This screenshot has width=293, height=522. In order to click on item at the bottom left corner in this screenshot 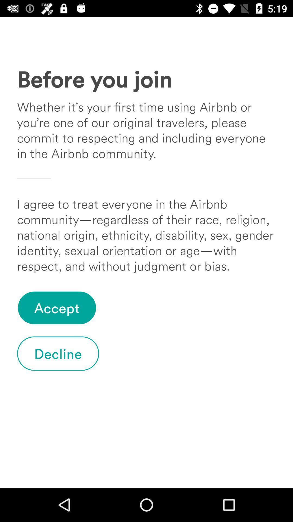, I will do `click(58, 353)`.